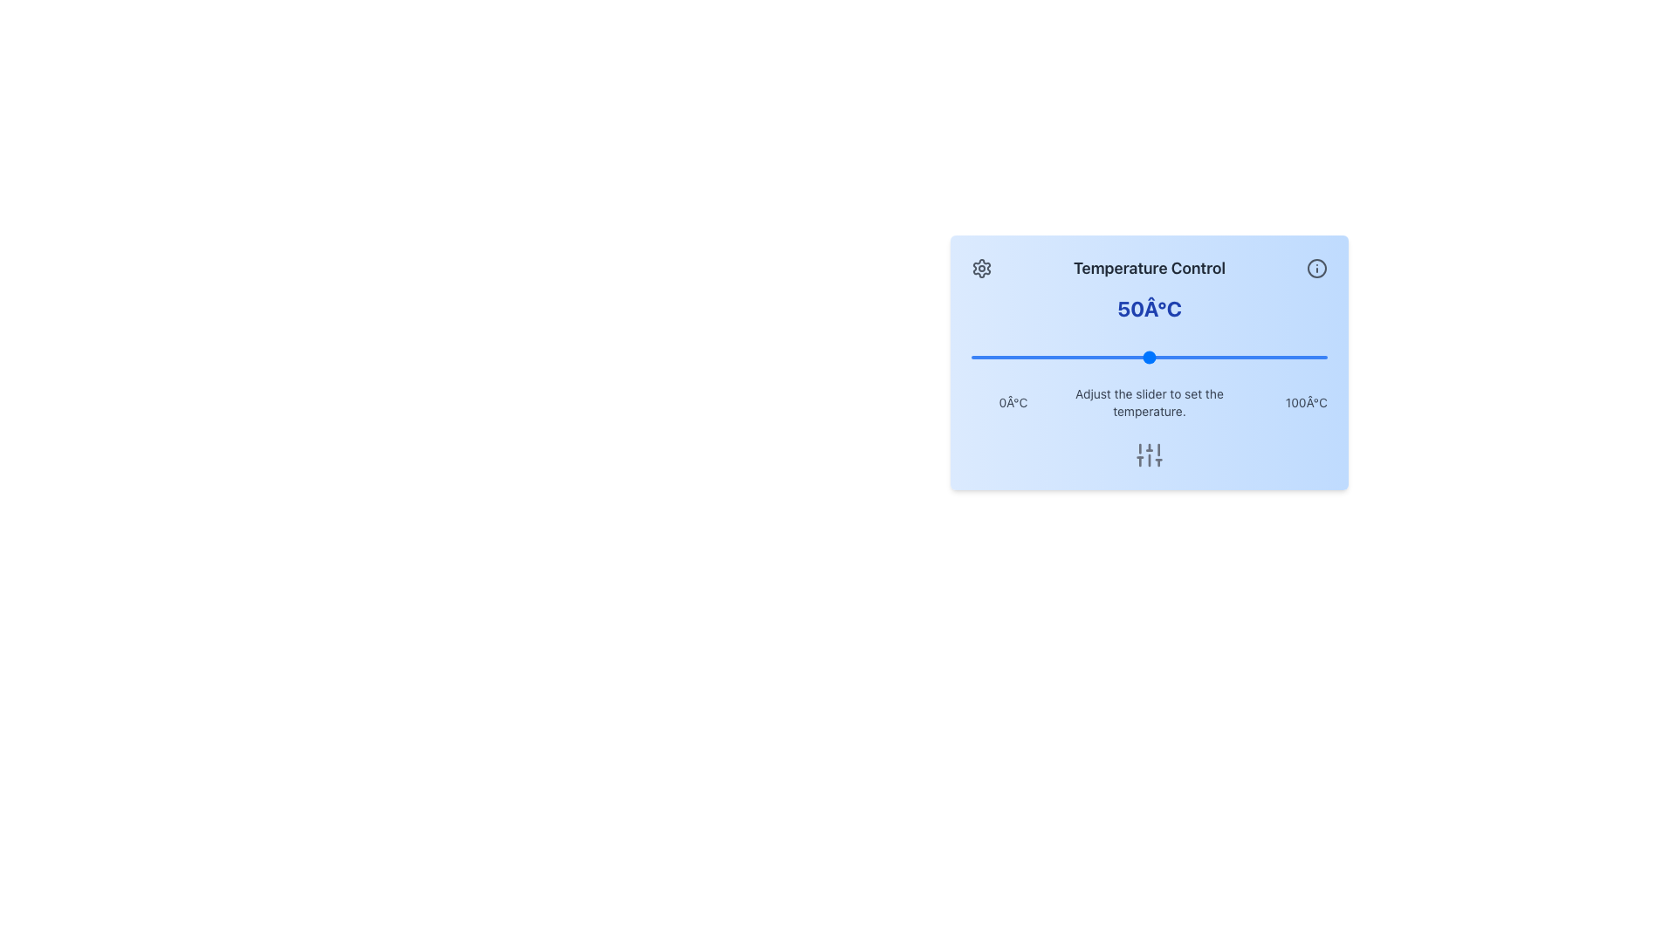 The image size is (1676, 942). I want to click on the horizontal slider control, which is styled with a blue primary color and is located below the temperature display text '50°C', so click(1149, 356).